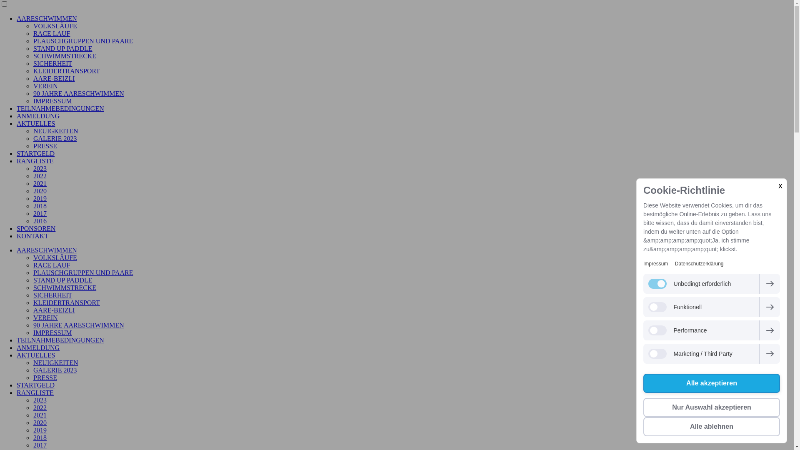 Image resolution: width=800 pixels, height=450 pixels. Describe the element at coordinates (37, 116) in the screenshot. I see `'ANMELDUNG'` at that location.